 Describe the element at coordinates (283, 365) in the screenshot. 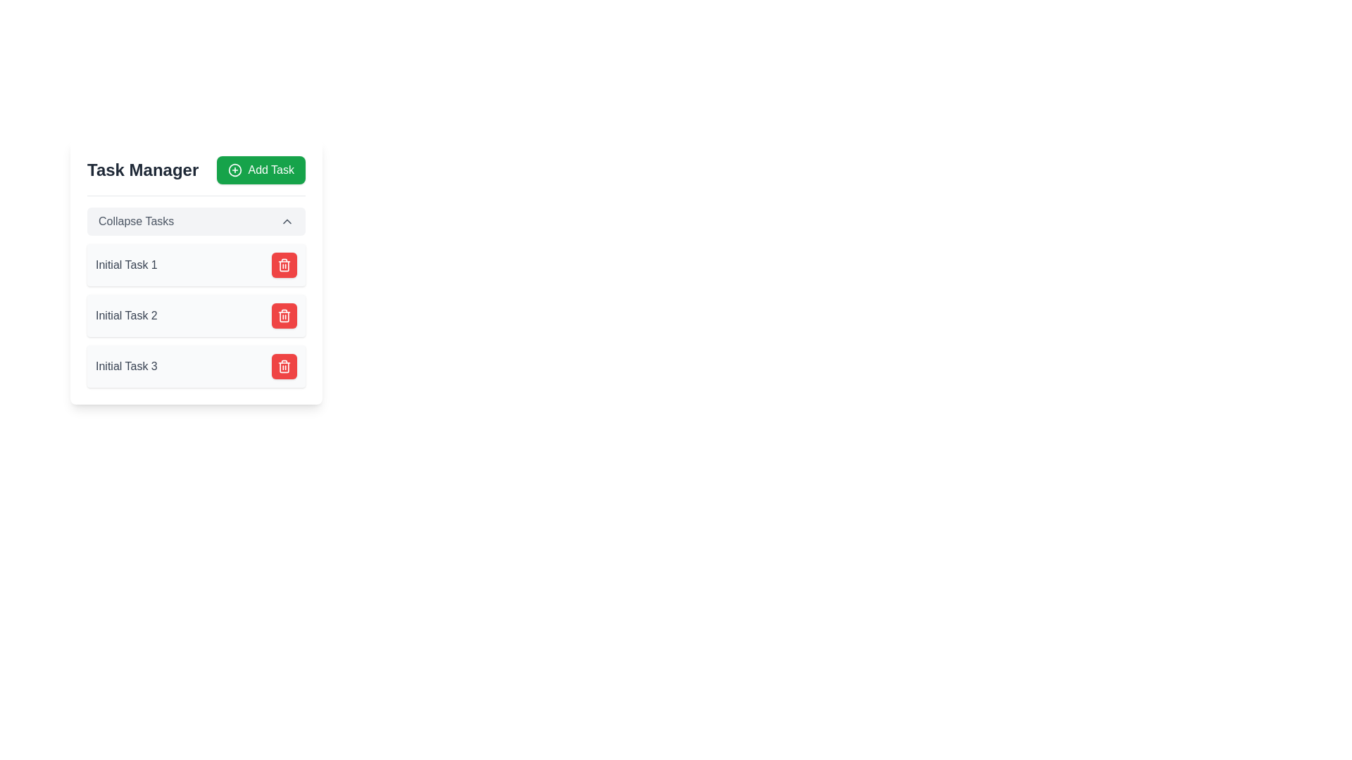

I see `the delete icon embedded in a red circular button` at that location.